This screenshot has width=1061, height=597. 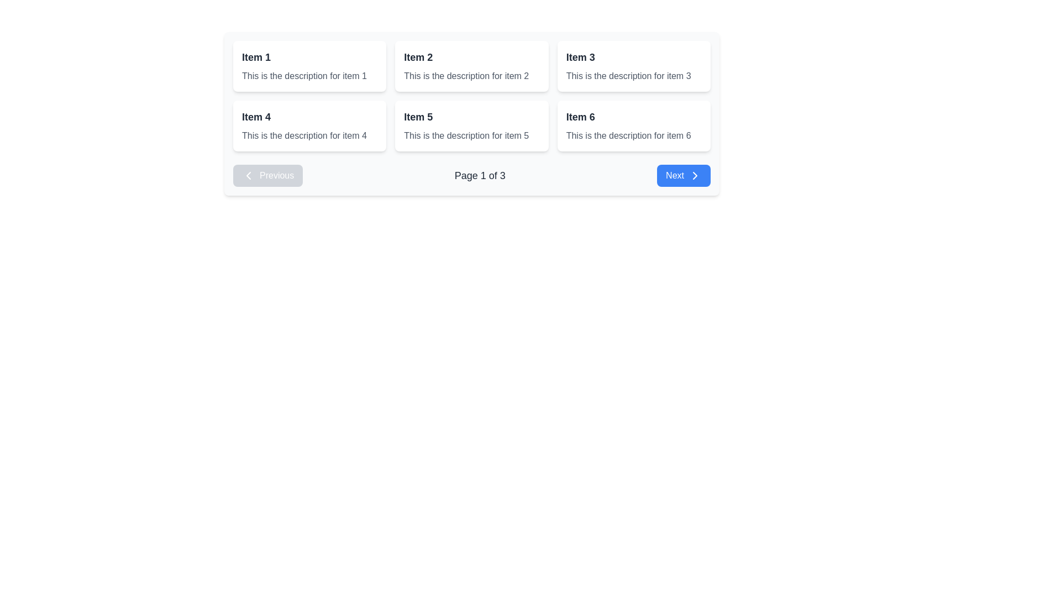 I want to click on the descriptive label text located directly below the title text 'Item 2' in the second card of a 3x2 grid layout, so click(x=466, y=76).